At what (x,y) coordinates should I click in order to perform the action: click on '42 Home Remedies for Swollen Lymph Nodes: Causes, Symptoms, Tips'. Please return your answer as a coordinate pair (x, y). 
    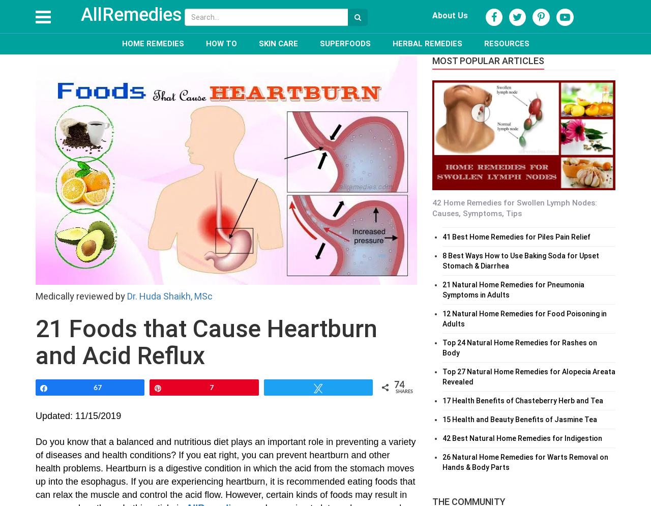
    Looking at the image, I should click on (514, 208).